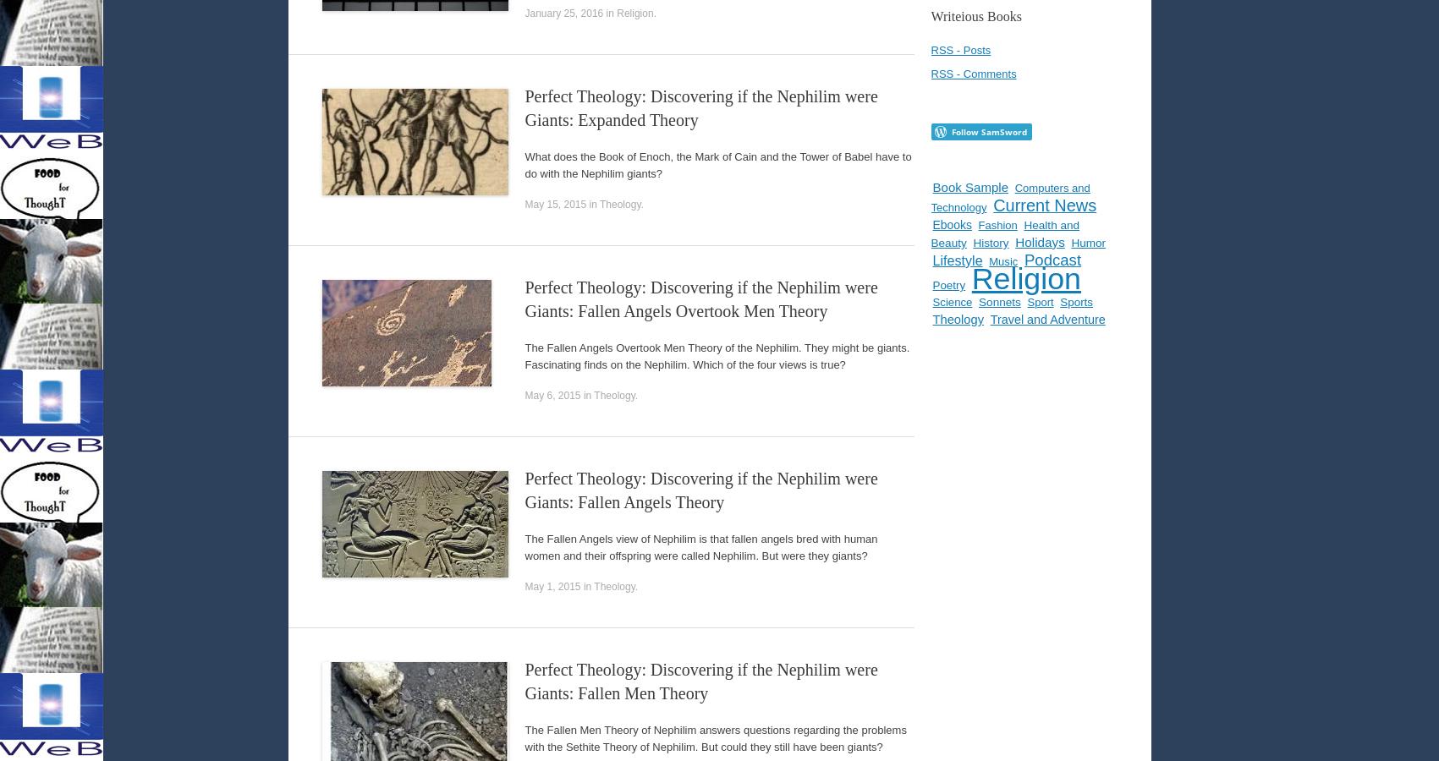  What do you see at coordinates (1076, 302) in the screenshot?
I see `'Sports'` at bounding box center [1076, 302].